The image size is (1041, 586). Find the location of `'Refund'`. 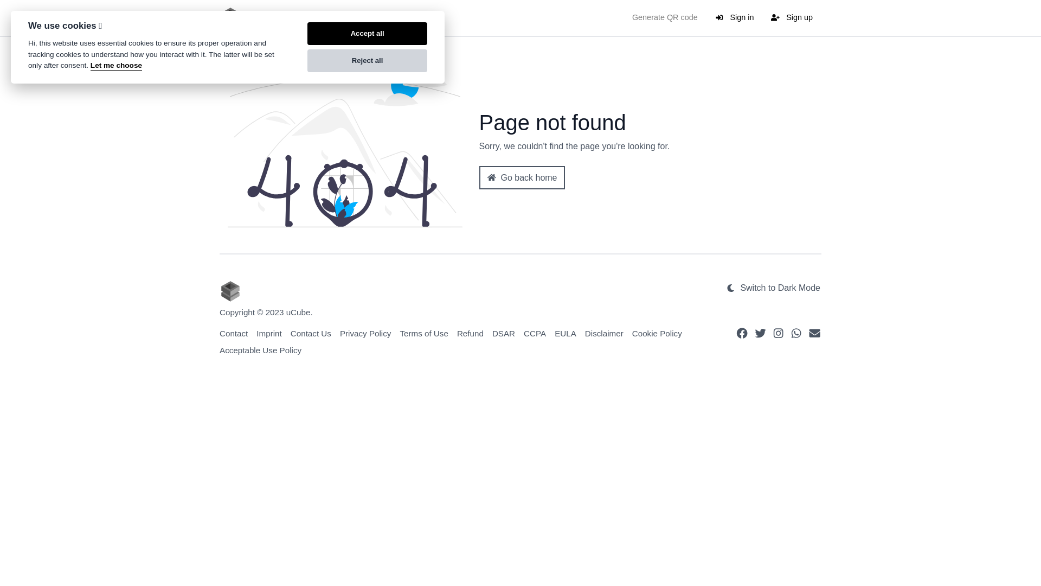

'Refund' is located at coordinates (457, 333).